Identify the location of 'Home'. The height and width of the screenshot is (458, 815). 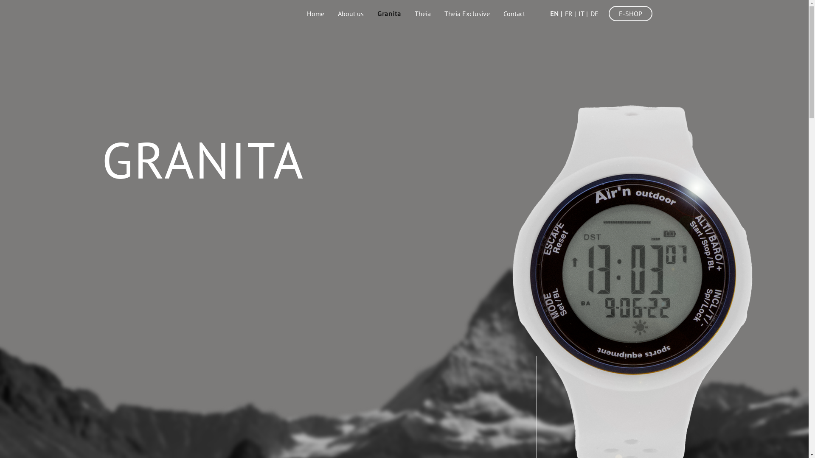
(315, 13).